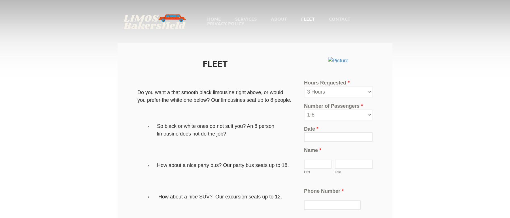 The width and height of the screenshot is (510, 218). I want to click on 'Number of Passengers', so click(332, 105).